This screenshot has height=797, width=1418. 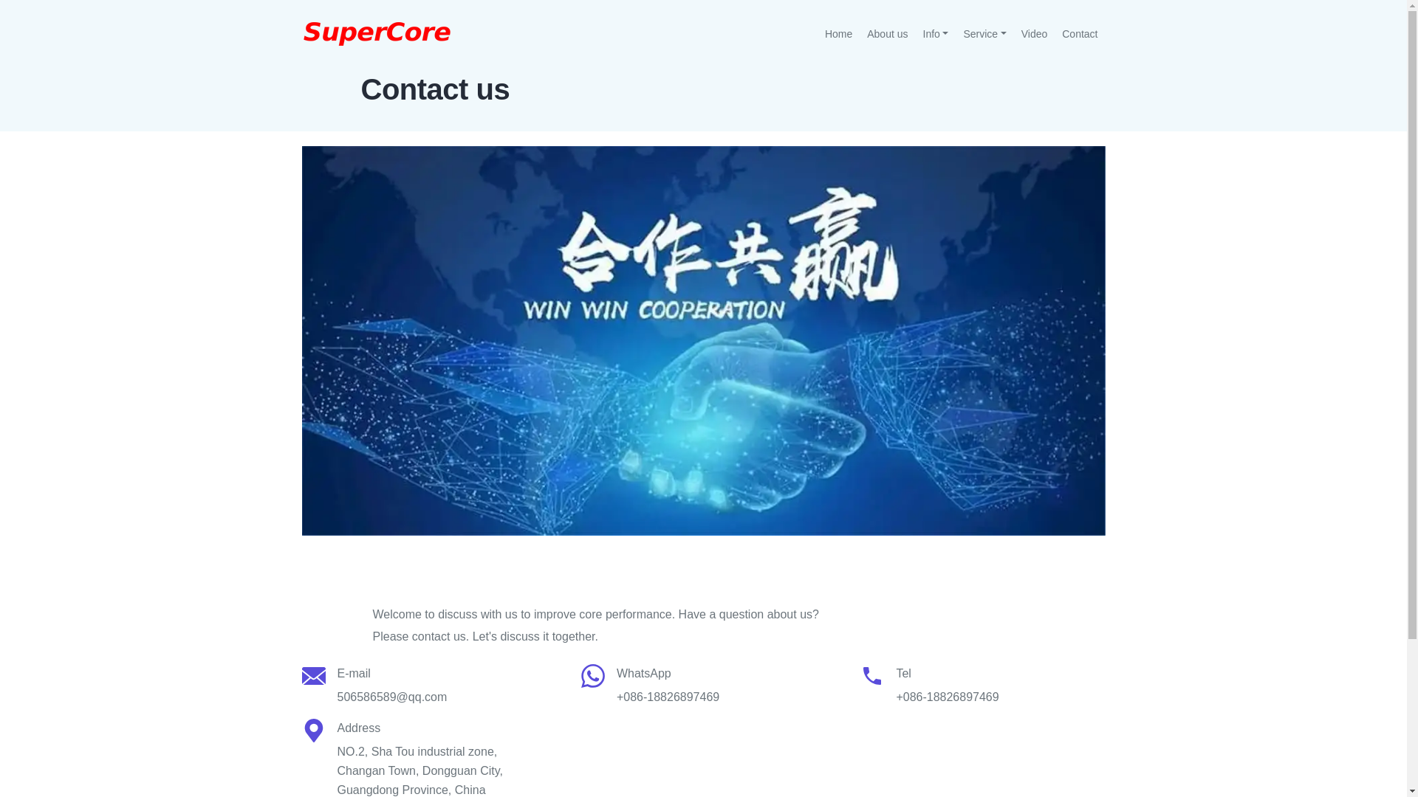 What do you see at coordinates (1080, 33) in the screenshot?
I see `'Contact'` at bounding box center [1080, 33].